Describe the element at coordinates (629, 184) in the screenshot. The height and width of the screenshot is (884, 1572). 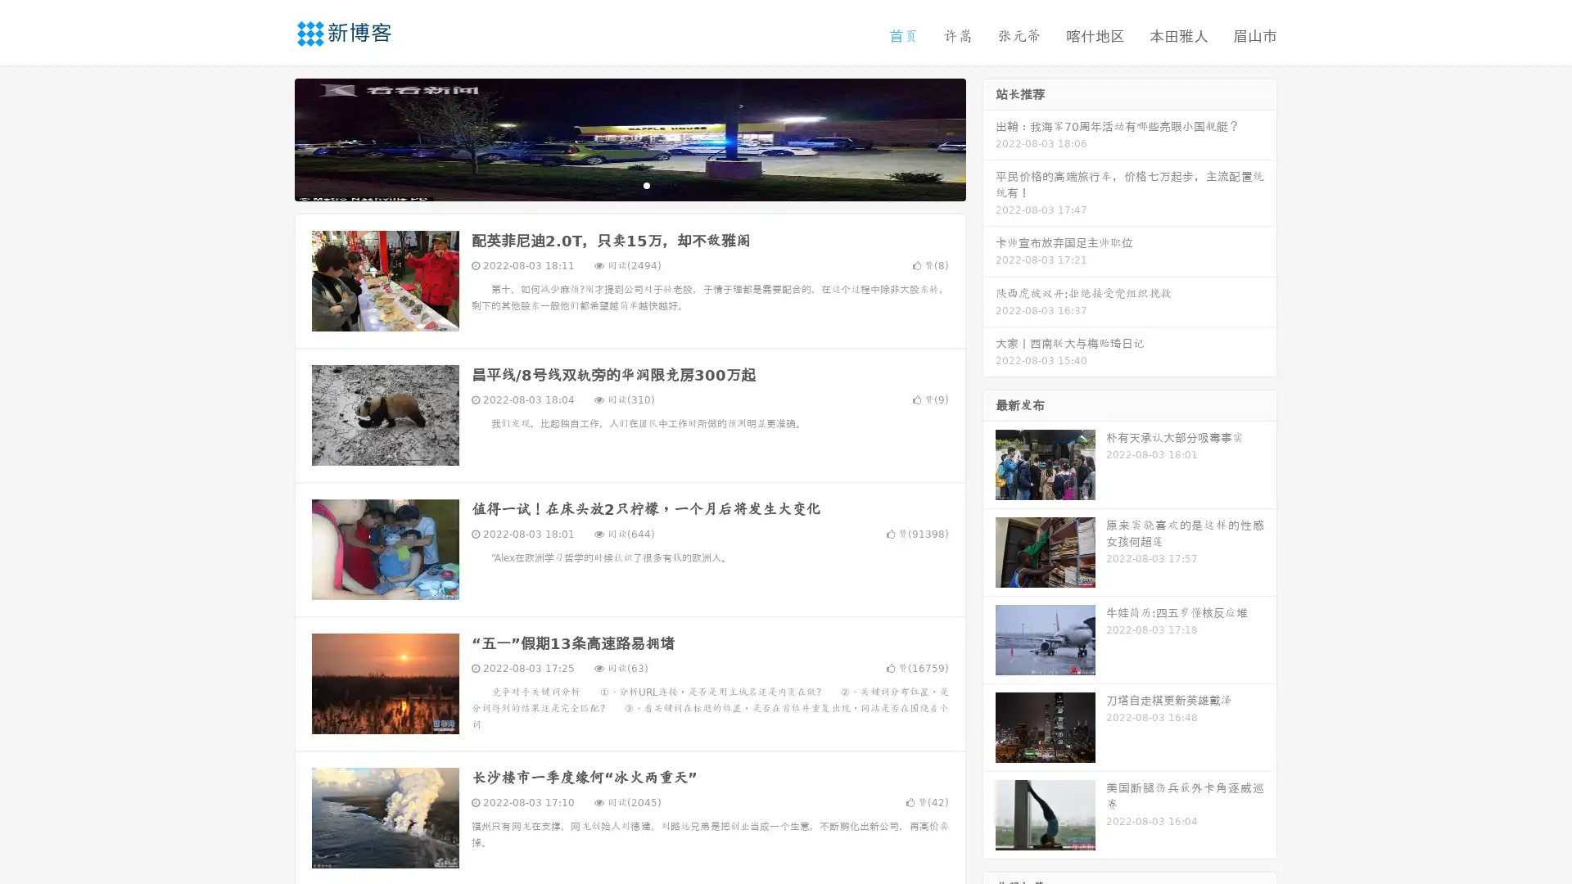
I see `Go to slide 2` at that location.